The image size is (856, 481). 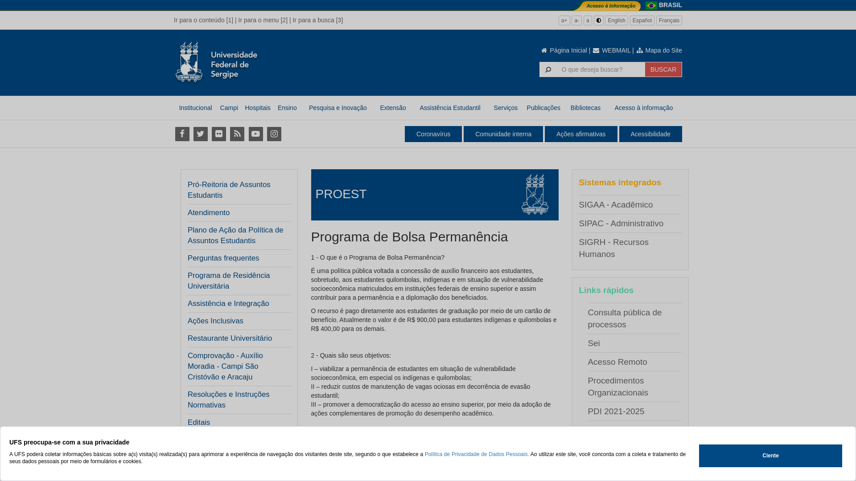 What do you see at coordinates (187, 457) in the screenshot?
I see `'Resultados'` at bounding box center [187, 457].